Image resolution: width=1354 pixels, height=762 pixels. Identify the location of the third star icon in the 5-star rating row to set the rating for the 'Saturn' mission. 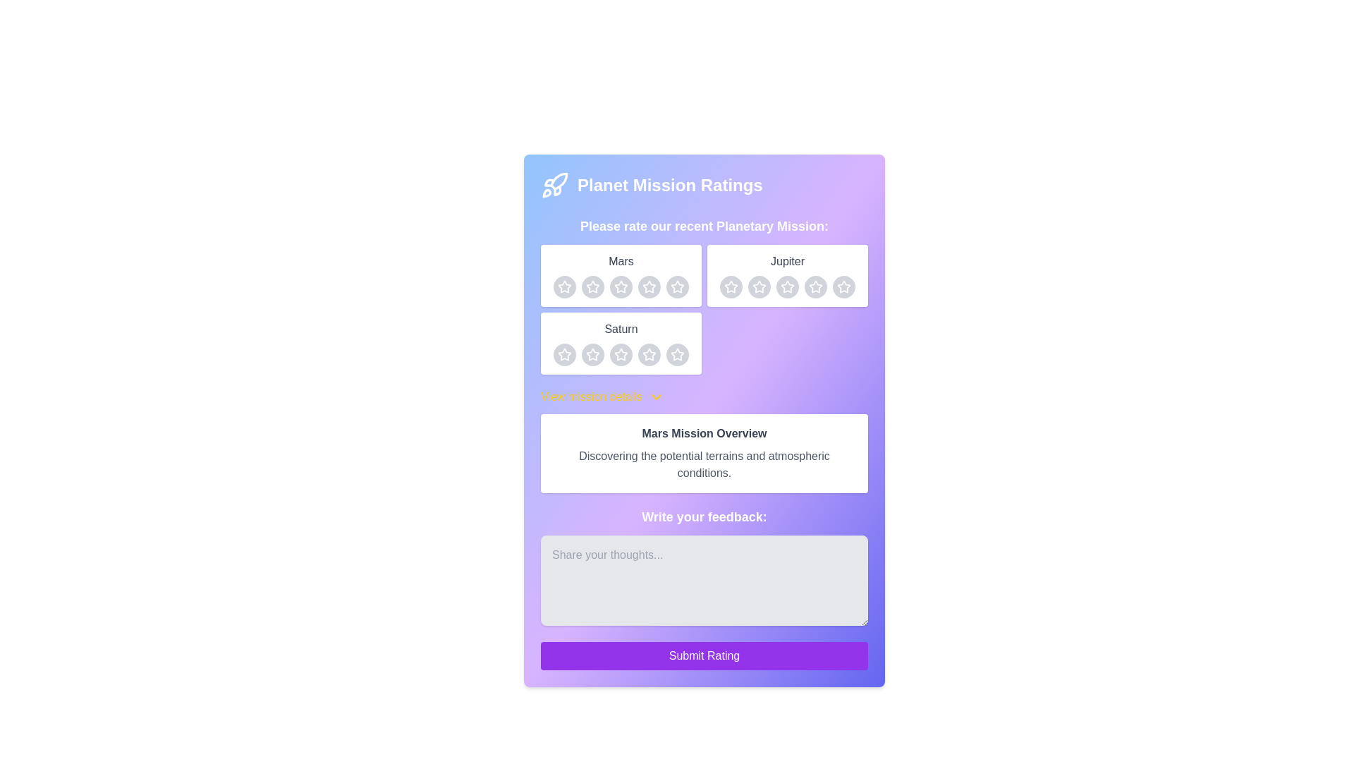
(677, 353).